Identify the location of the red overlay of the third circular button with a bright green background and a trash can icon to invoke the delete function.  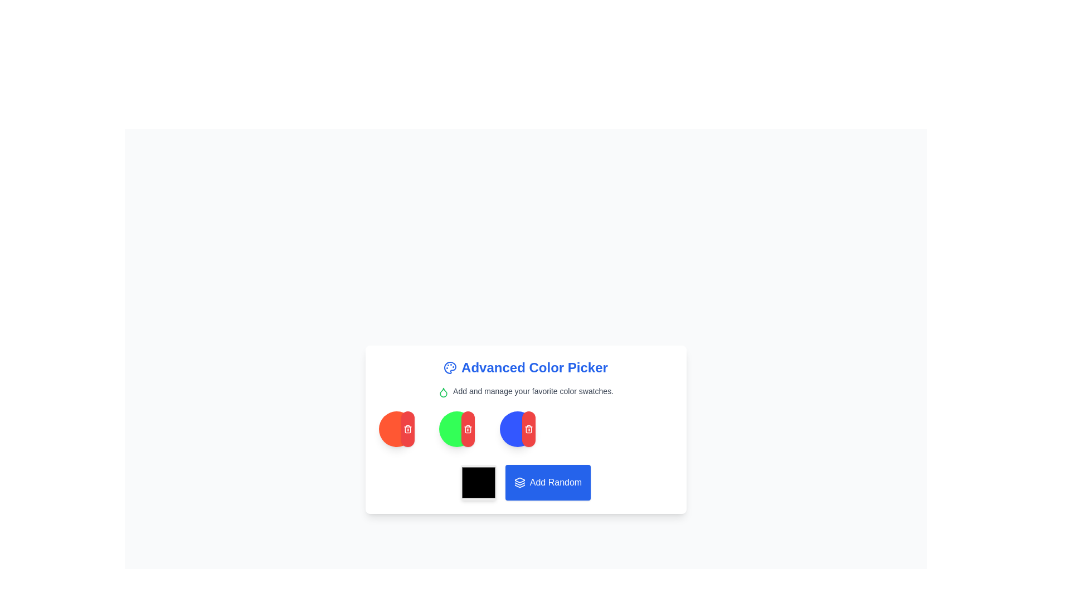
(457, 428).